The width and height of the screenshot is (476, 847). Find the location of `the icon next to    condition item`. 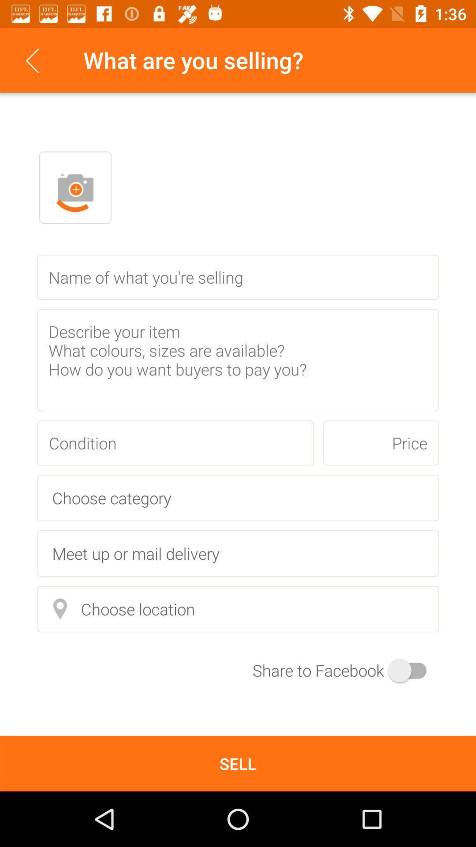

the icon next to    condition item is located at coordinates (380, 443).